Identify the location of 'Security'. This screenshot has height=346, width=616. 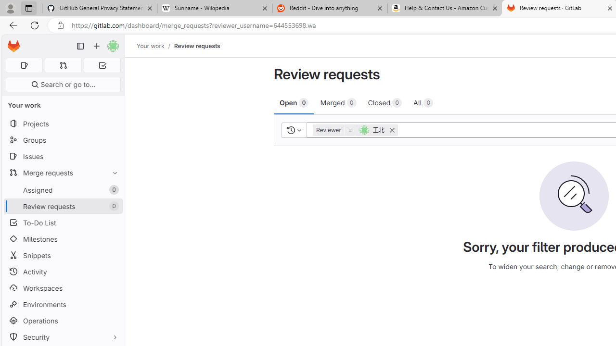
(63, 336).